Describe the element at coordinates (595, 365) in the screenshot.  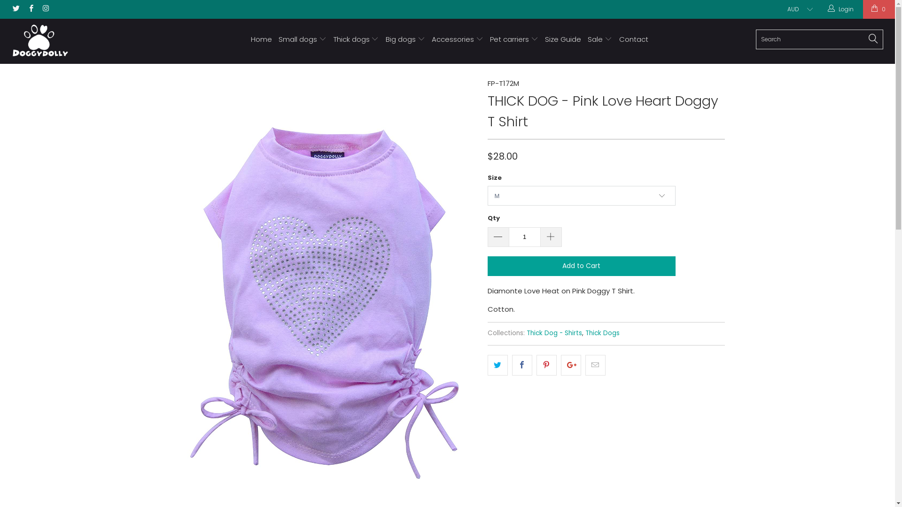
I see `'Email this to a friend'` at that location.